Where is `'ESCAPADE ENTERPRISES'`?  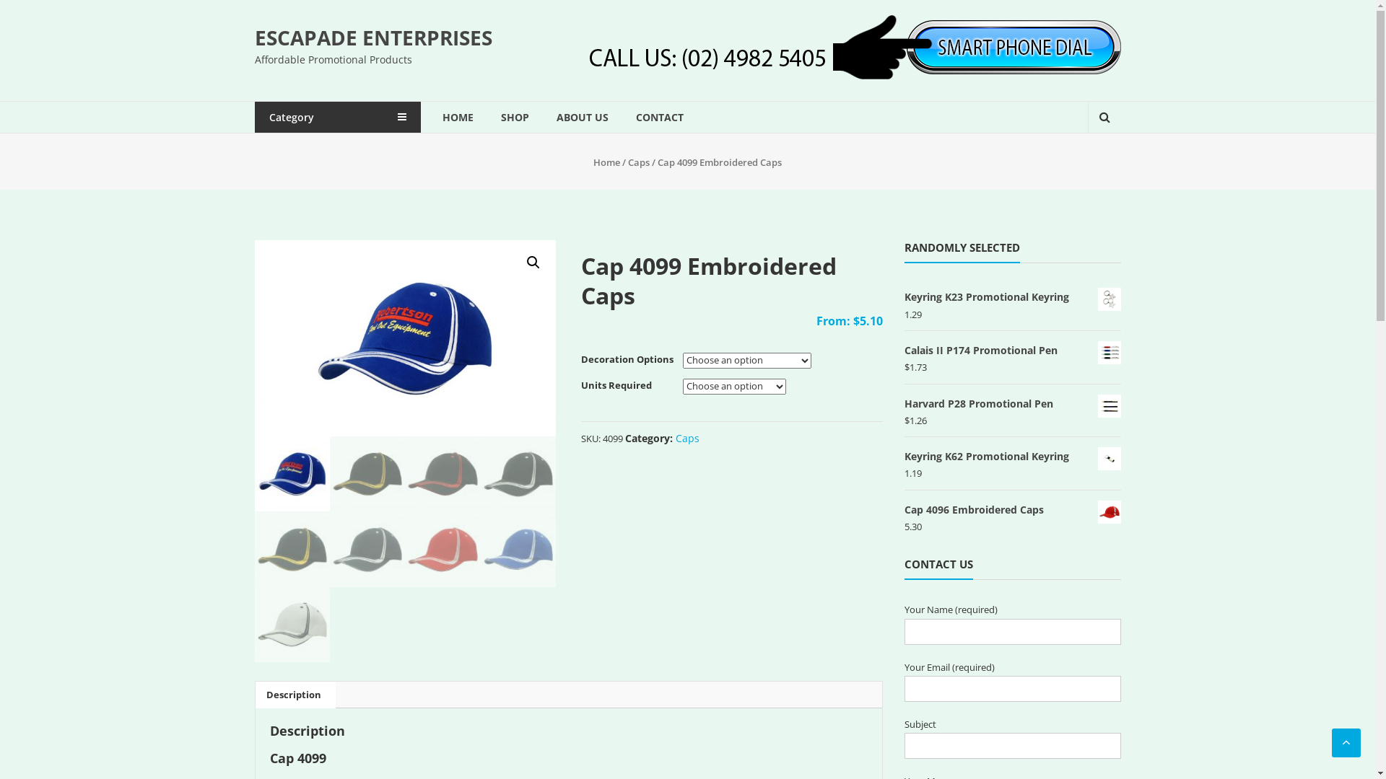
'ESCAPADE ENTERPRISES' is located at coordinates (253, 36).